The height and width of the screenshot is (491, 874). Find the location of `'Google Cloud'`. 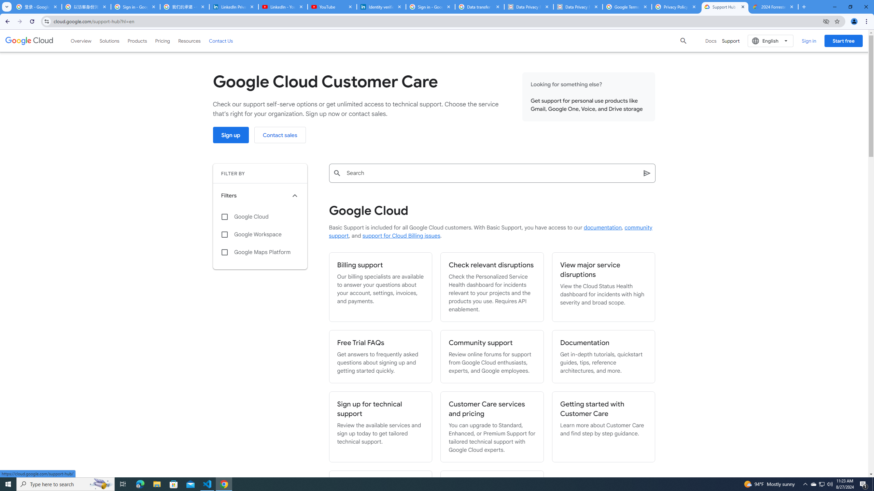

'Google Cloud' is located at coordinates (260, 217).